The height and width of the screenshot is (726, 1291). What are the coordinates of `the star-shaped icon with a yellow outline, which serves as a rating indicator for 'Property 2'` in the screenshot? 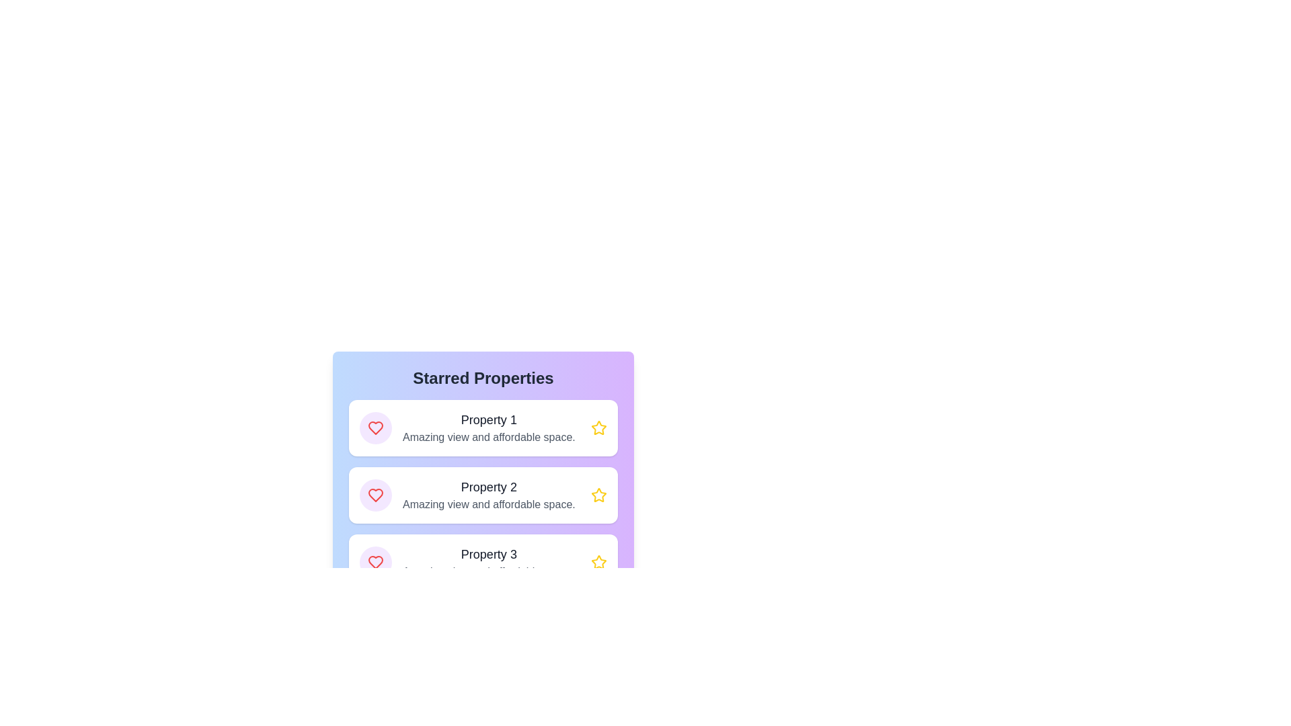 It's located at (598, 495).